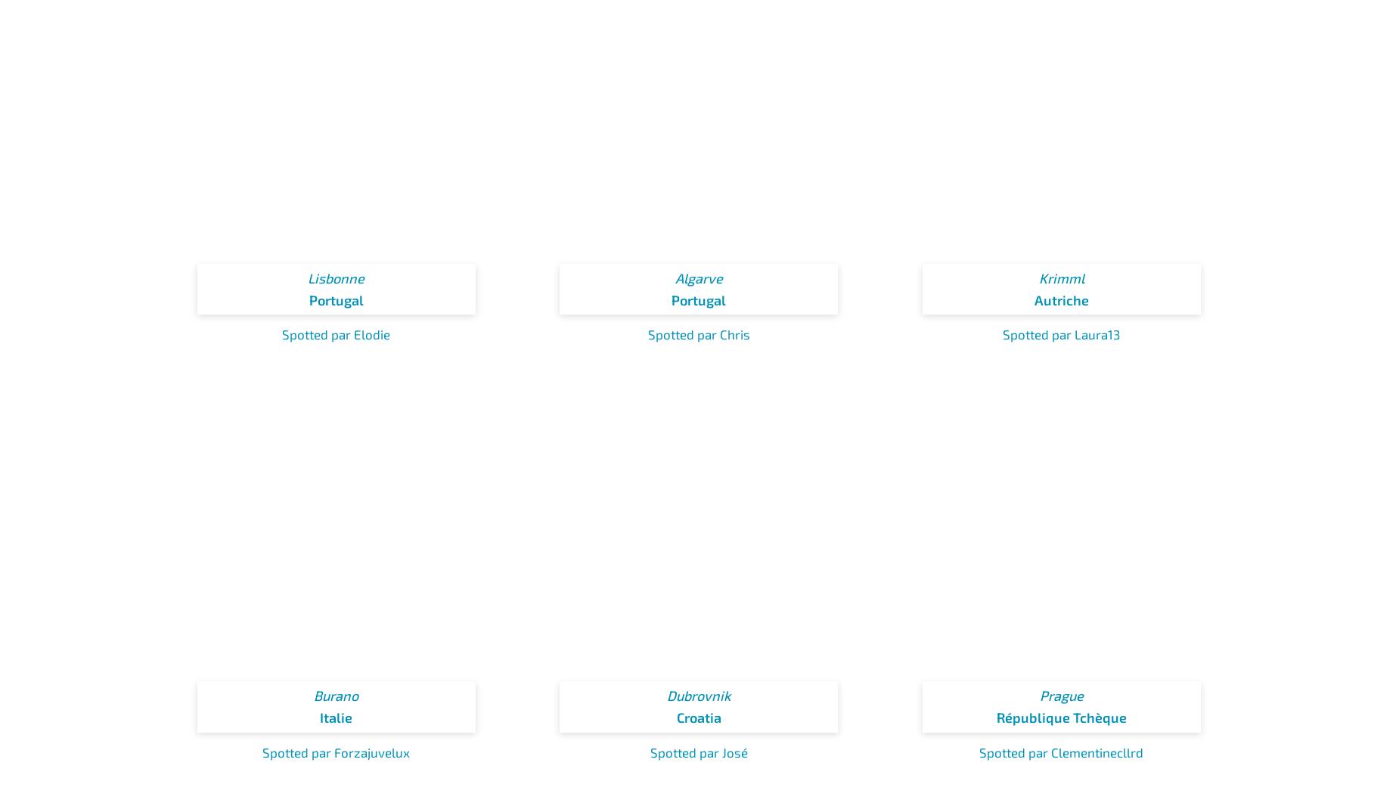 The width and height of the screenshot is (1399, 812). I want to click on 'Burano', so click(335, 695).